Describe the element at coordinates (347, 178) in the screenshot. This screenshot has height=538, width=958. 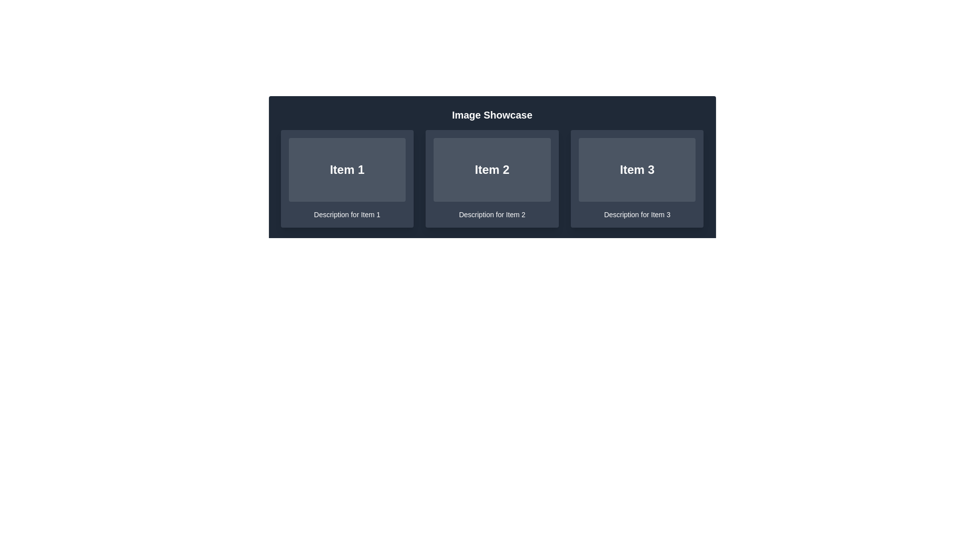
I see `the first Information Card in the 'Image Showcase' section, which displays a title and description` at that location.